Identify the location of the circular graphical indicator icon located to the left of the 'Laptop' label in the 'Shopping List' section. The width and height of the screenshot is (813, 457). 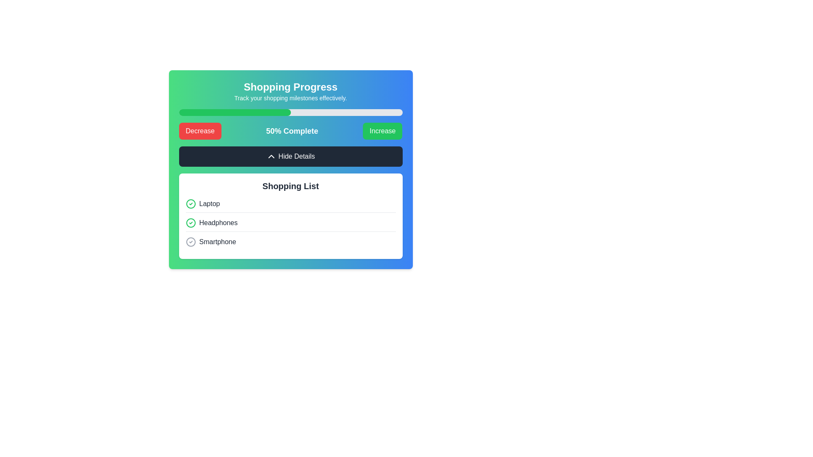
(190, 204).